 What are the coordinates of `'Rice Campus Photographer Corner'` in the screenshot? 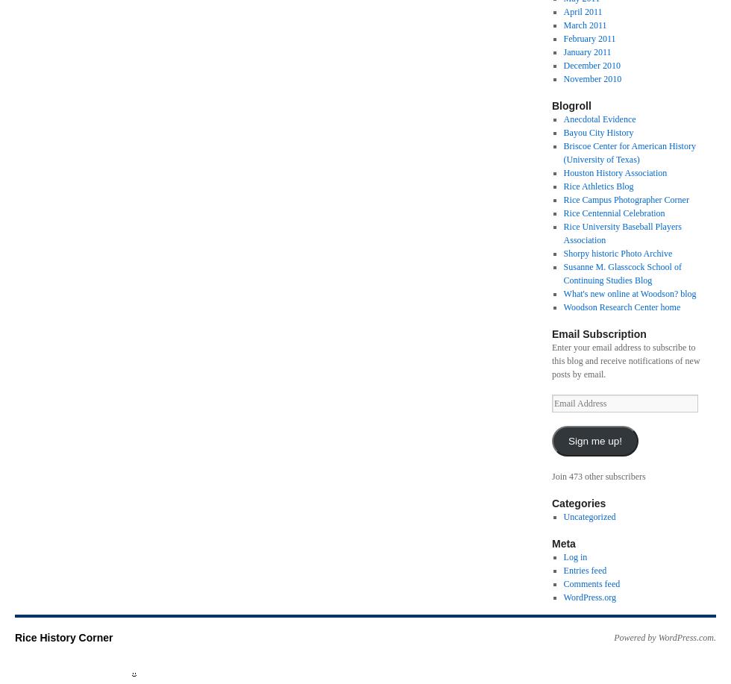 It's located at (625, 200).